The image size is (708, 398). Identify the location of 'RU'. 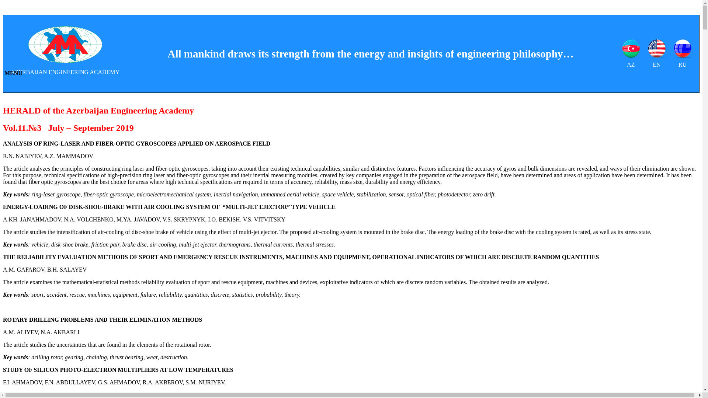
(682, 53).